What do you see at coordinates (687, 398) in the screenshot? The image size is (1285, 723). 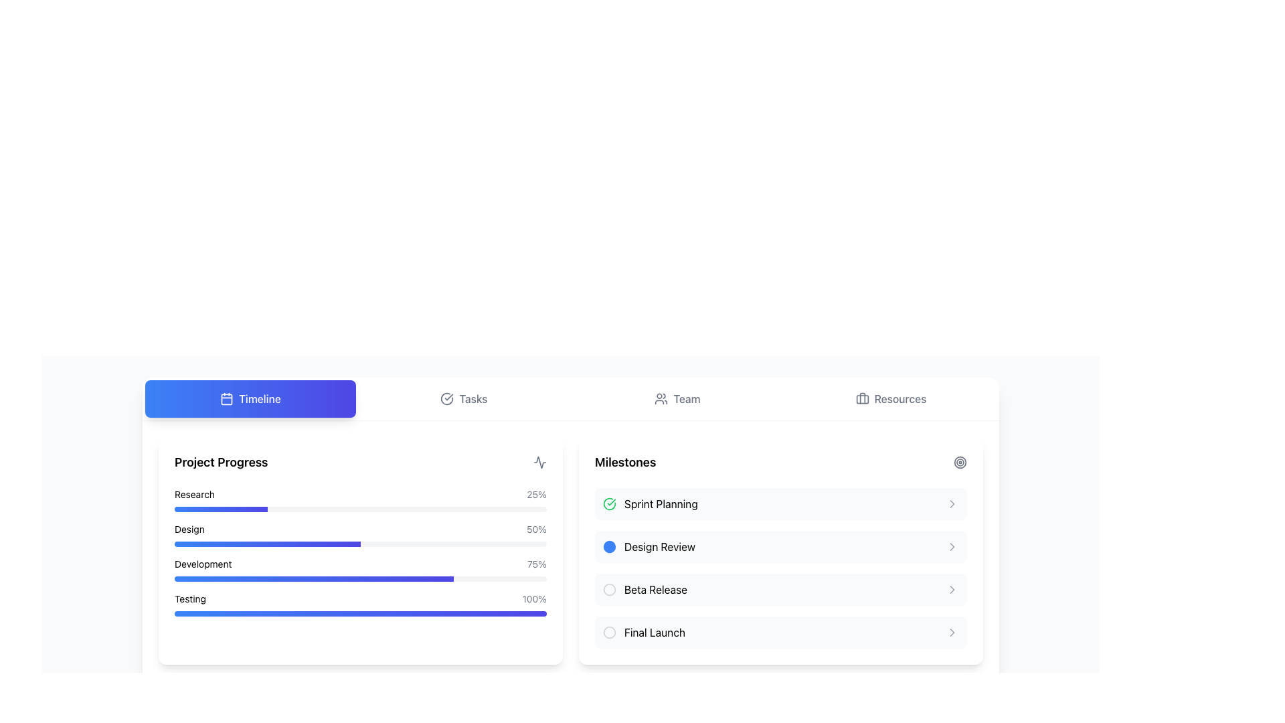 I see `the 'Team' text label in the horizontal navigation bar` at bounding box center [687, 398].